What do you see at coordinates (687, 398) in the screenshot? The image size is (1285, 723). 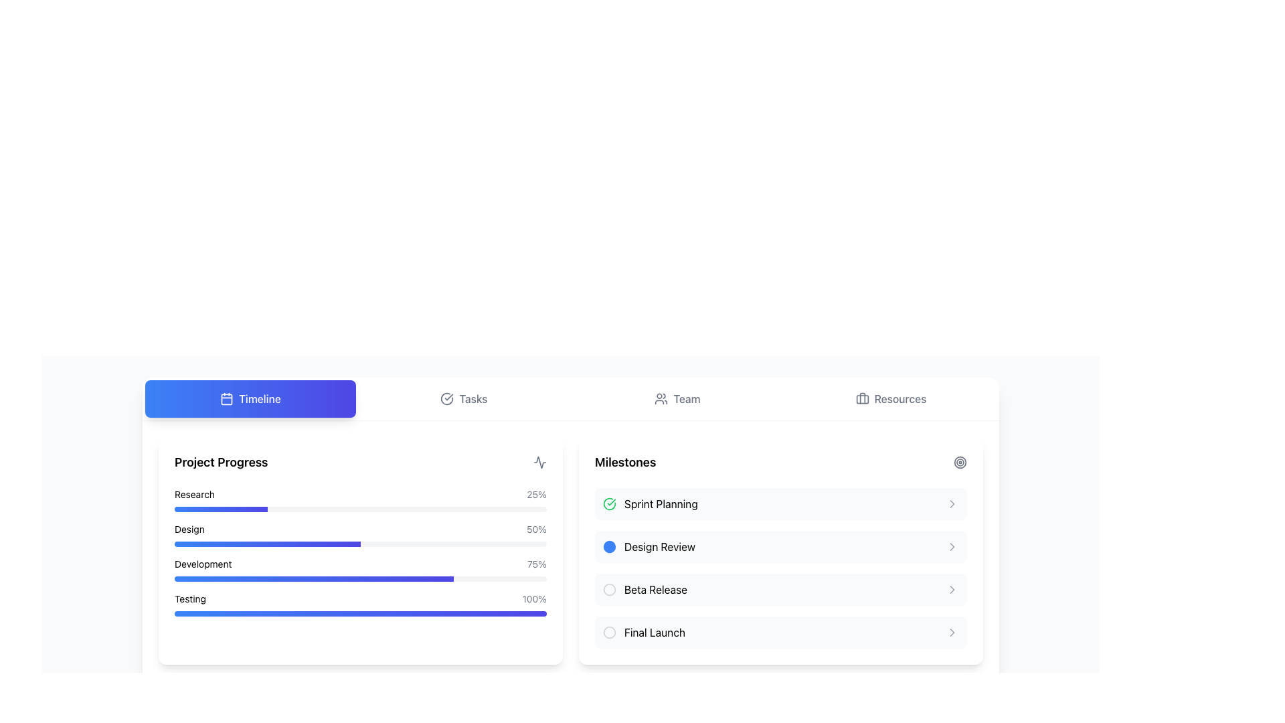 I see `the 'Team' text label in the horizontal navigation bar` at bounding box center [687, 398].